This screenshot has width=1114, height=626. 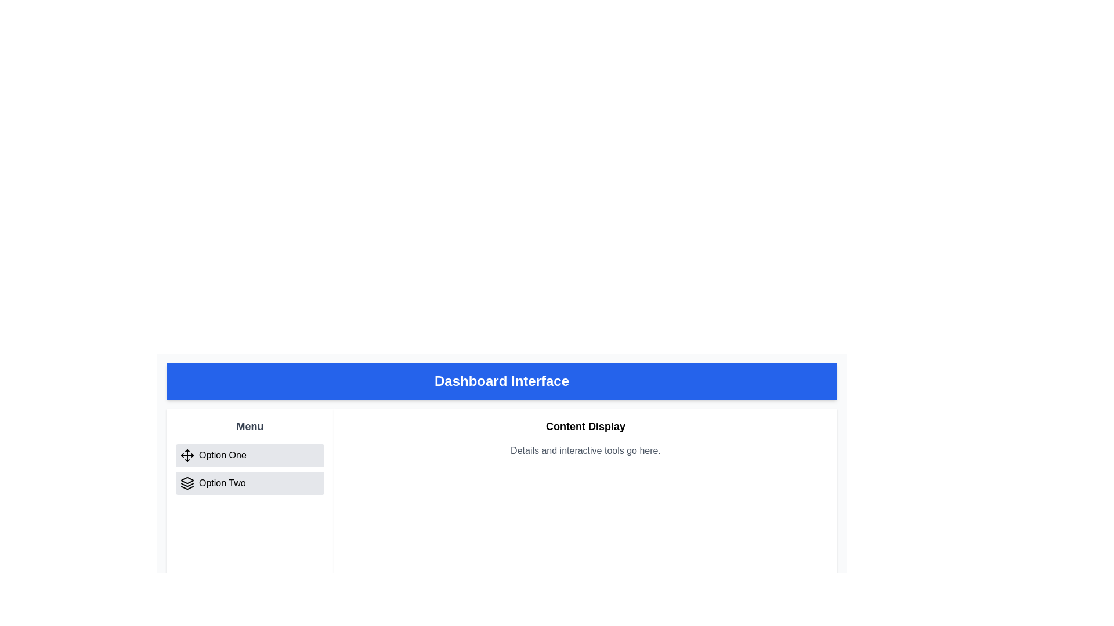 What do you see at coordinates (187, 481) in the screenshot?
I see `the top layer icon of the three stacked layer icons located next to the 'Option Two' label in the left-side menu` at bounding box center [187, 481].